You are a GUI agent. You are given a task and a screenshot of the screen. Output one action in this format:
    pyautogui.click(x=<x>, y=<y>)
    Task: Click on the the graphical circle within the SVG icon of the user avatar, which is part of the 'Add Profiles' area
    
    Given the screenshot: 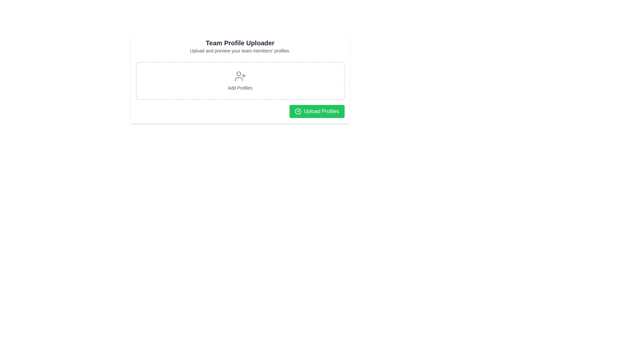 What is the action you would take?
    pyautogui.click(x=238, y=73)
    